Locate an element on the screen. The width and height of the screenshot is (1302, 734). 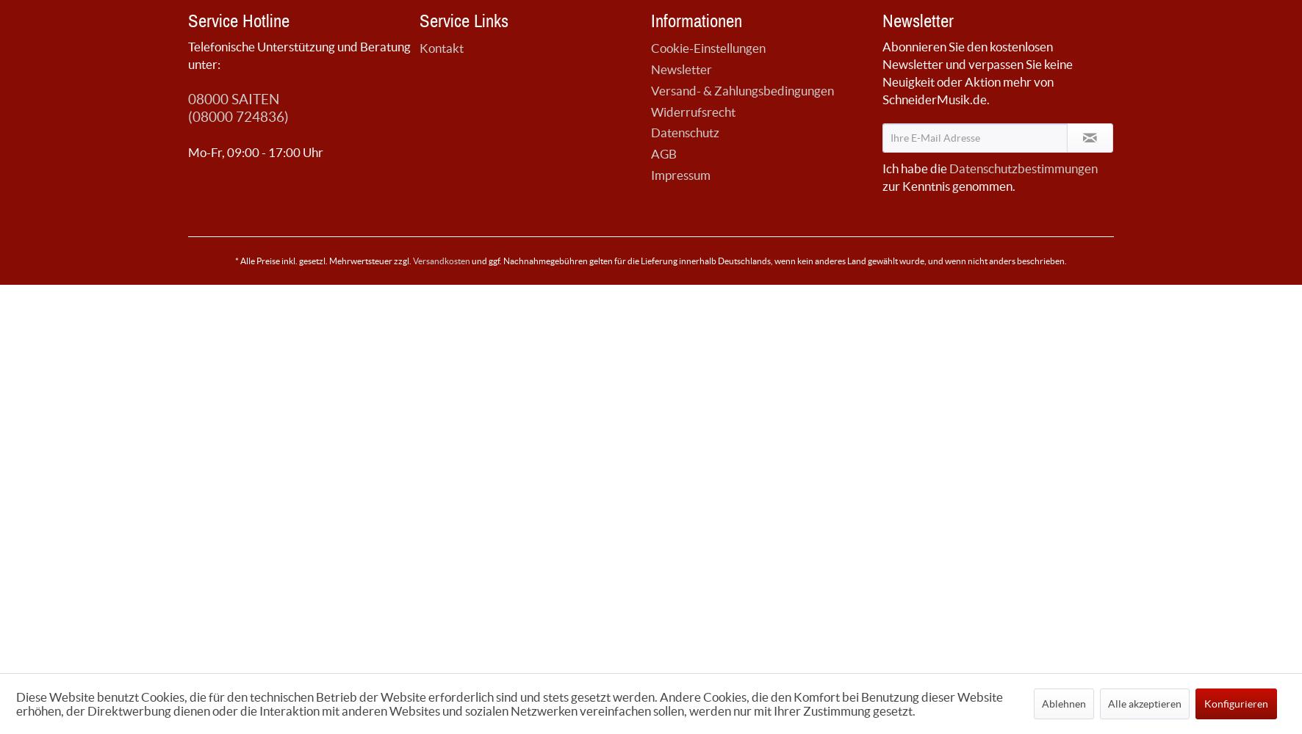
'Konfigurieren' is located at coordinates (1235, 703).